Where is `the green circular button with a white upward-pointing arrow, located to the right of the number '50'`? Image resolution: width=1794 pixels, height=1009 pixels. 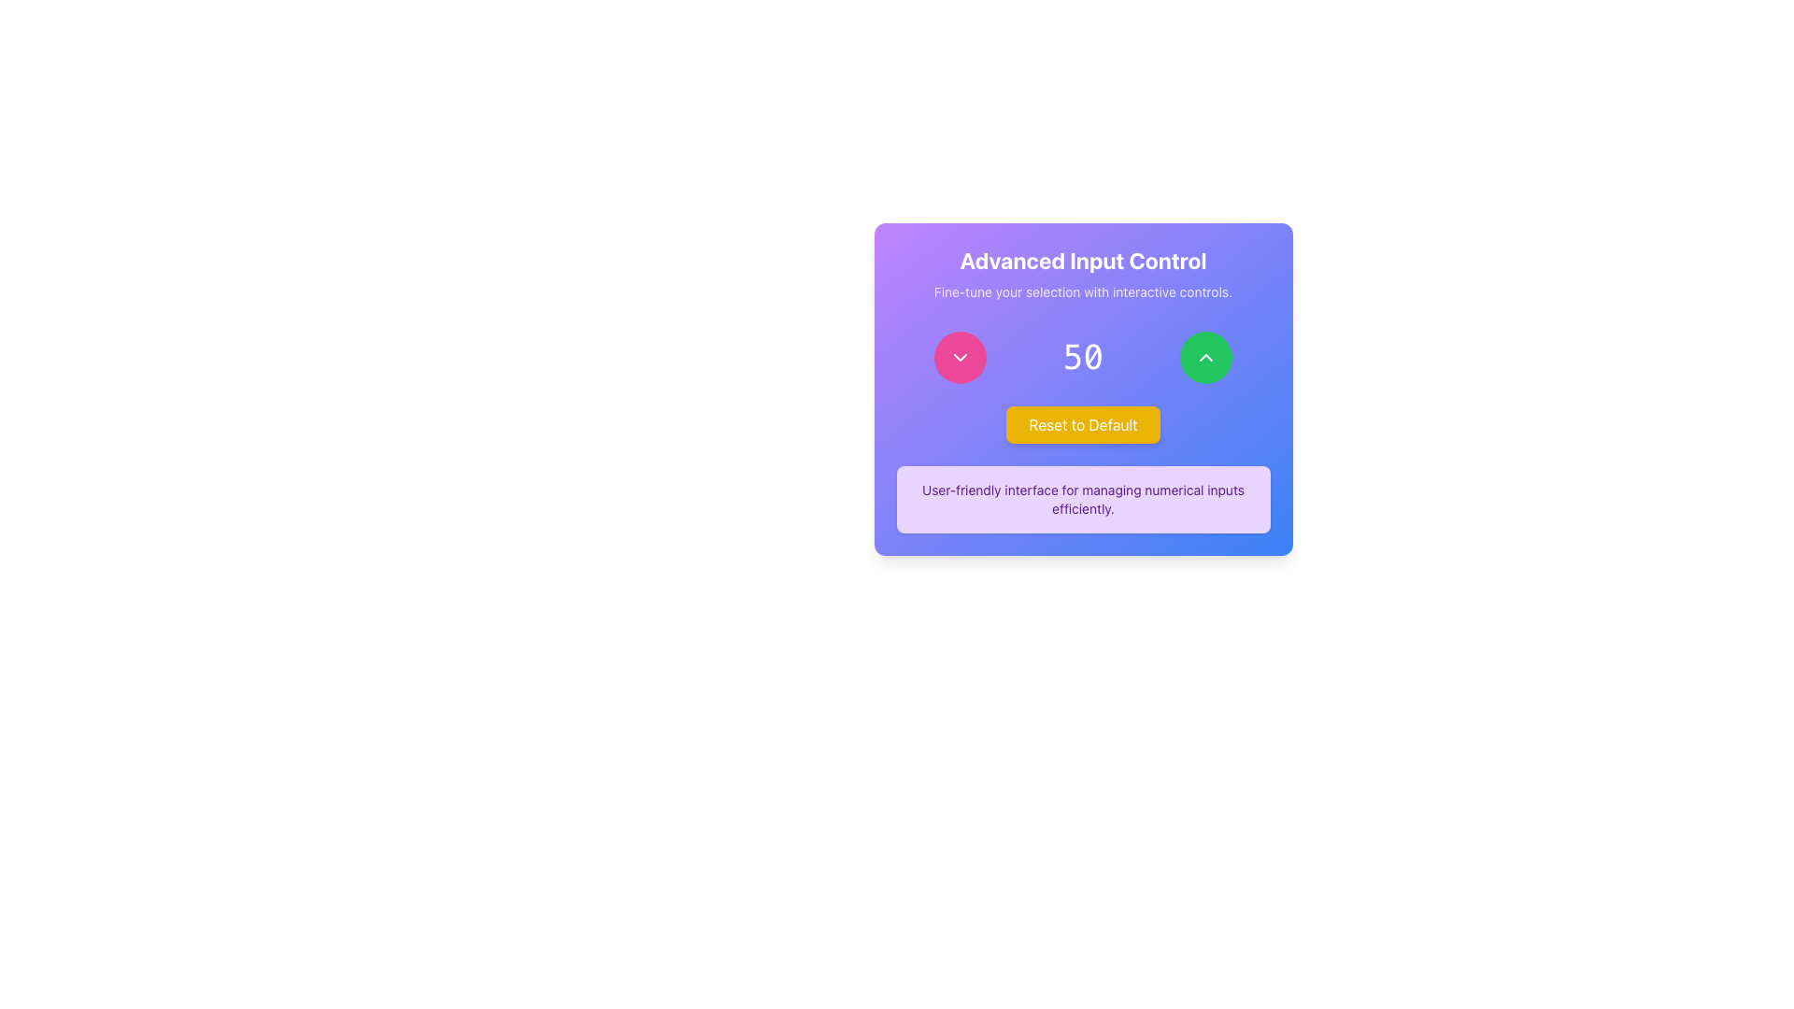
the green circular button with a white upward-pointing arrow, located to the right of the number '50' is located at coordinates (1205, 357).